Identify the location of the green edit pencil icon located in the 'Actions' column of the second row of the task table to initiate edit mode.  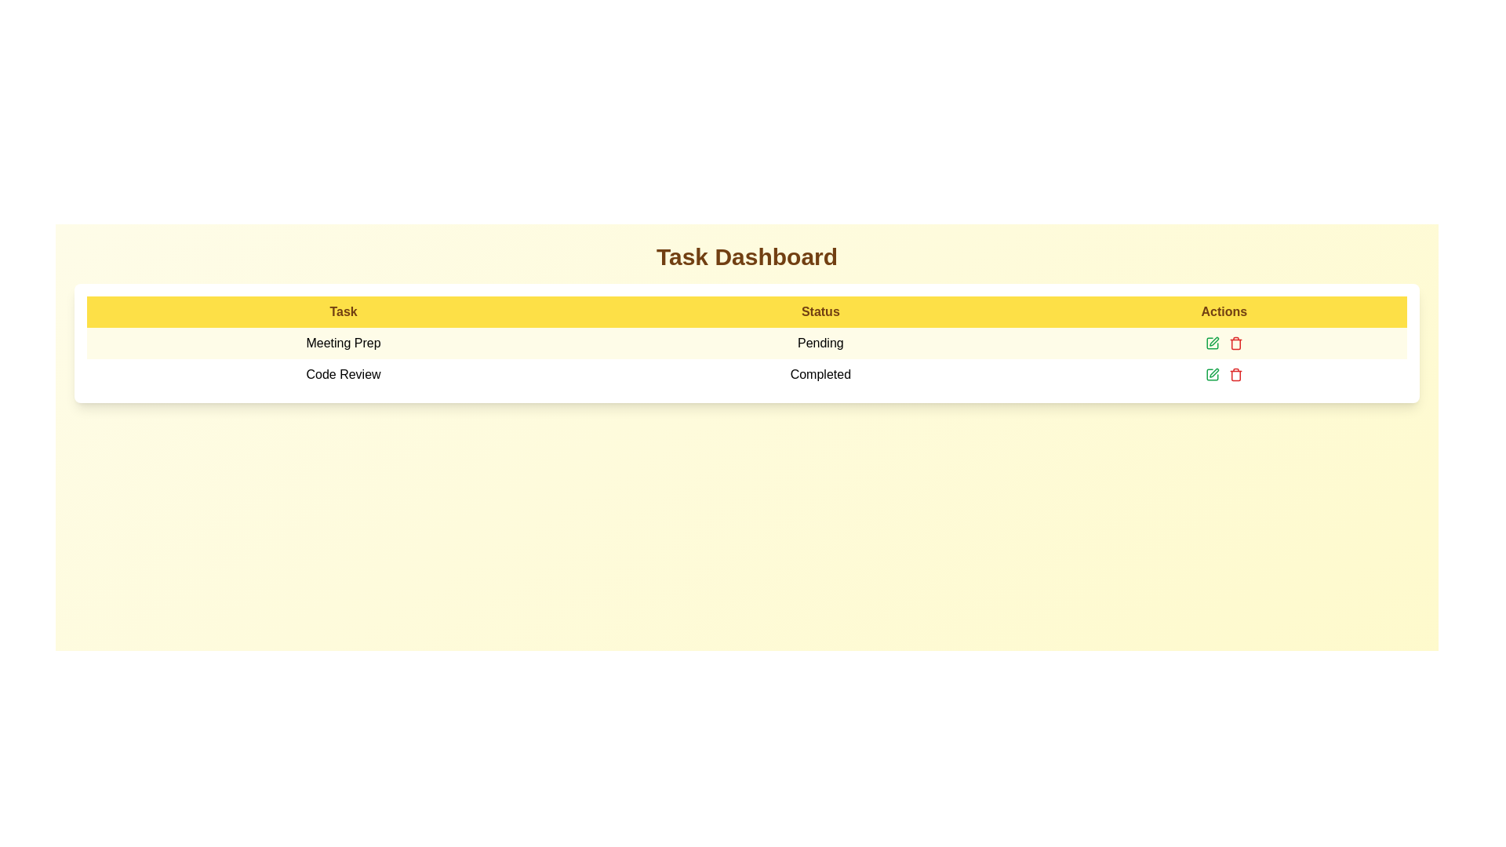
(1211, 375).